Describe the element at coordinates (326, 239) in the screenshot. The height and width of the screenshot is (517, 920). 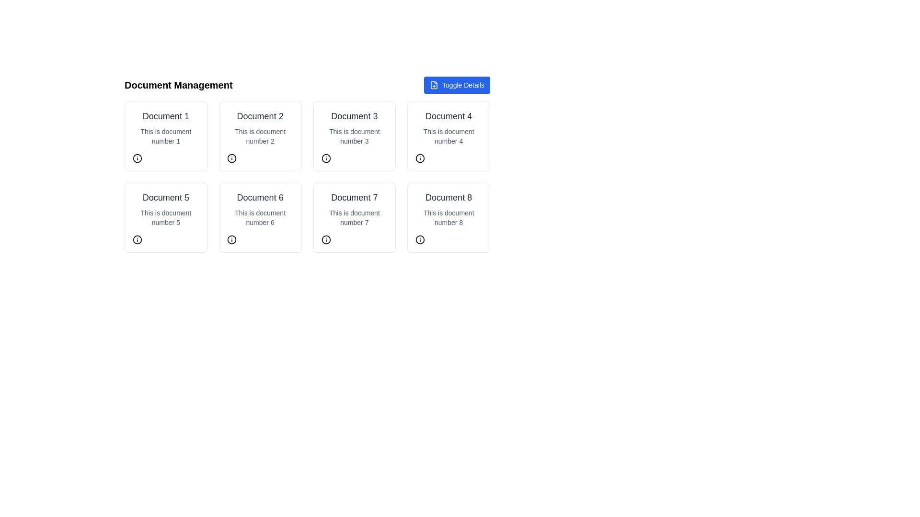
I see `the Info Icon, a circular graphic with a lowercase 'i', located at the bottom-right corner of the 'Document 7' card` at that location.